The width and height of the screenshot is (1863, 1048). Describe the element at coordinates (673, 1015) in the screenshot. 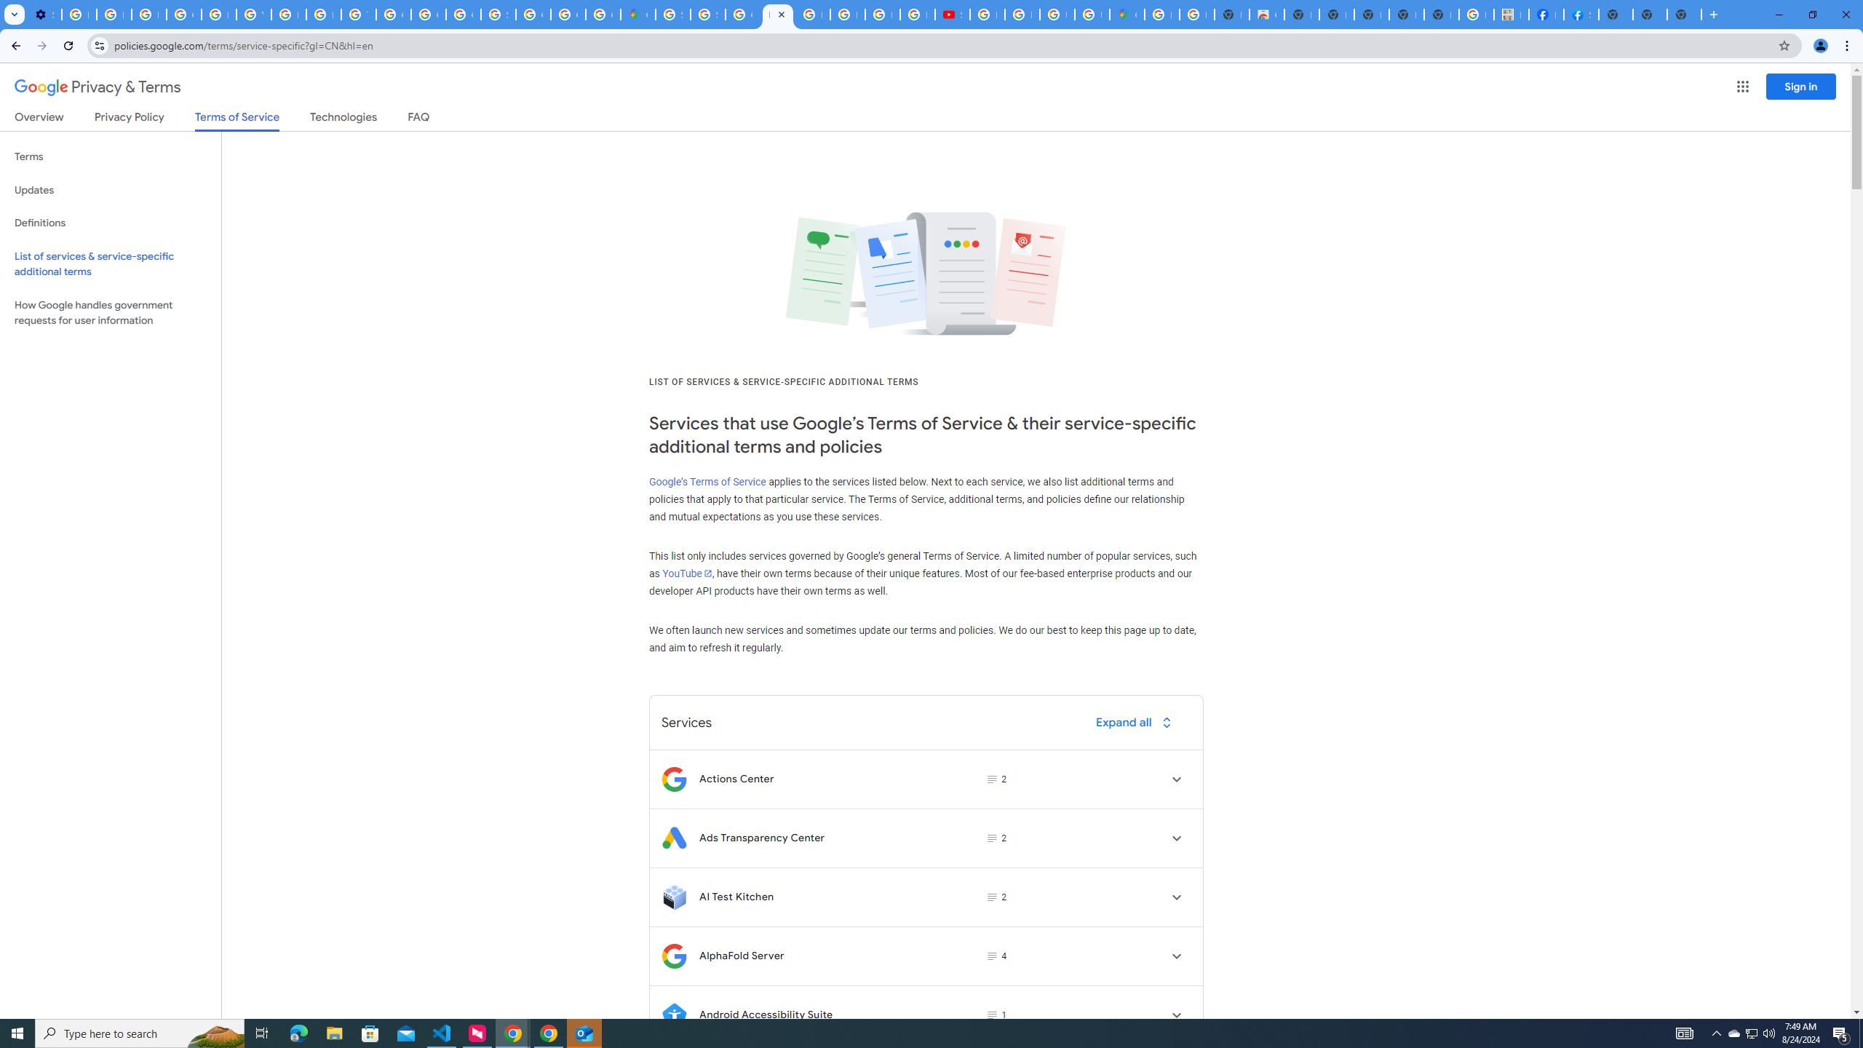

I see `'Logo for Android Accessibility Suite'` at that location.